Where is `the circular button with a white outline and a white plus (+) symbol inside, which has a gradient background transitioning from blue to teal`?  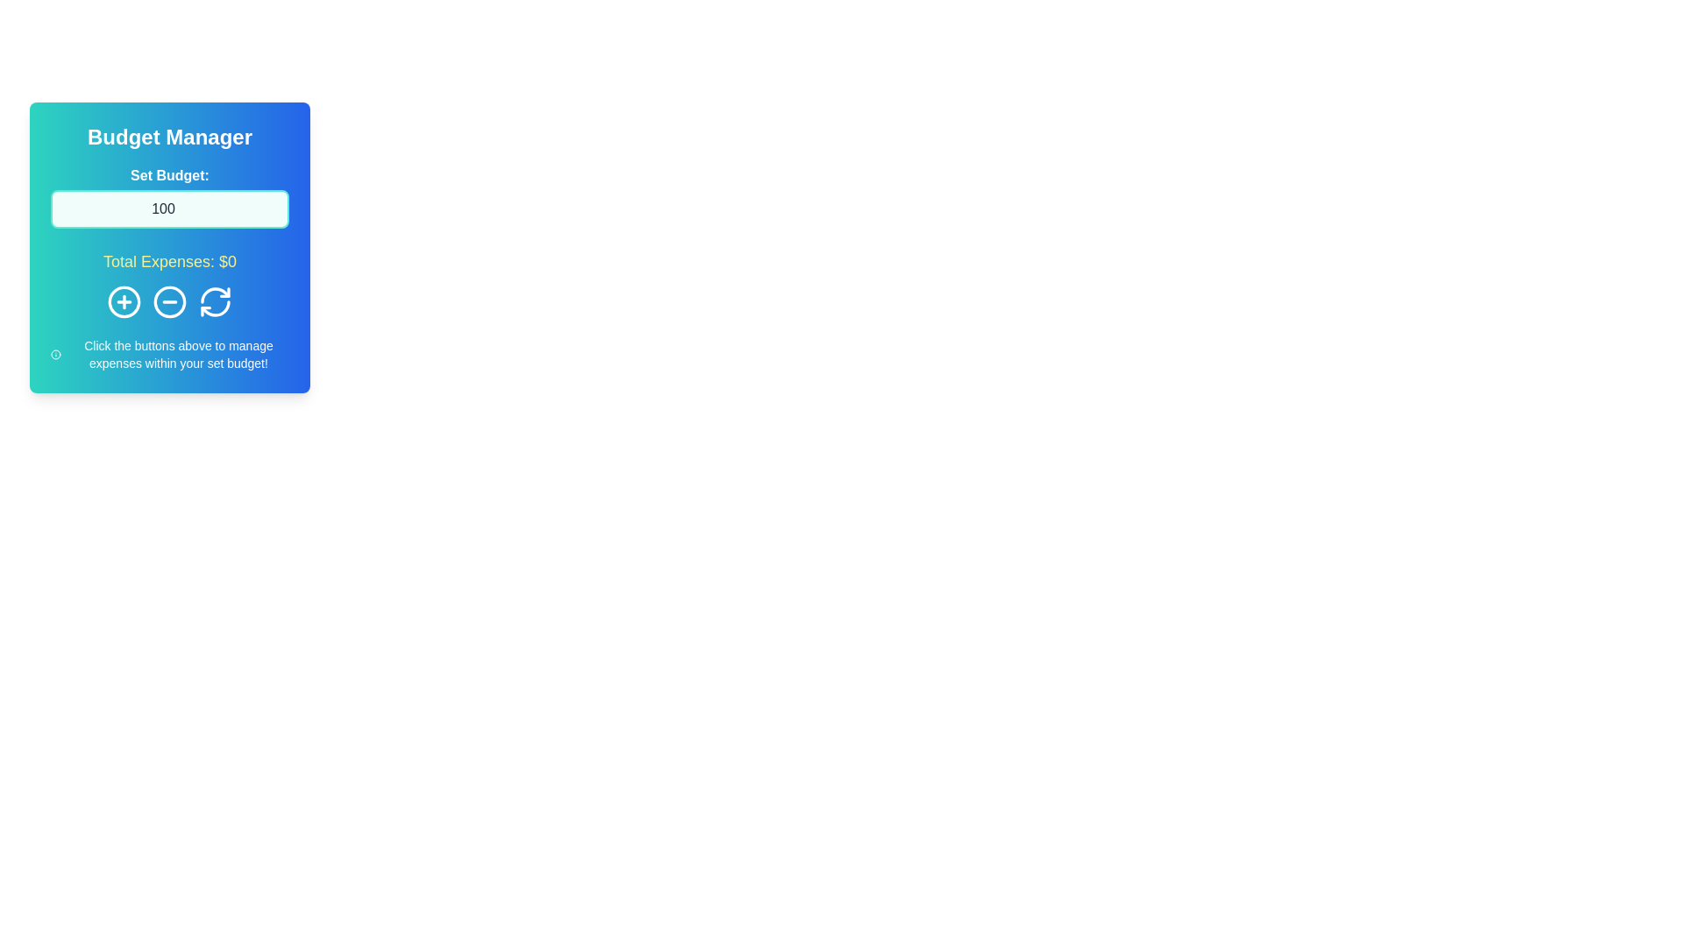
the circular button with a white outline and a white plus (+) symbol inside, which has a gradient background transitioning from blue to teal is located at coordinates (124, 300).